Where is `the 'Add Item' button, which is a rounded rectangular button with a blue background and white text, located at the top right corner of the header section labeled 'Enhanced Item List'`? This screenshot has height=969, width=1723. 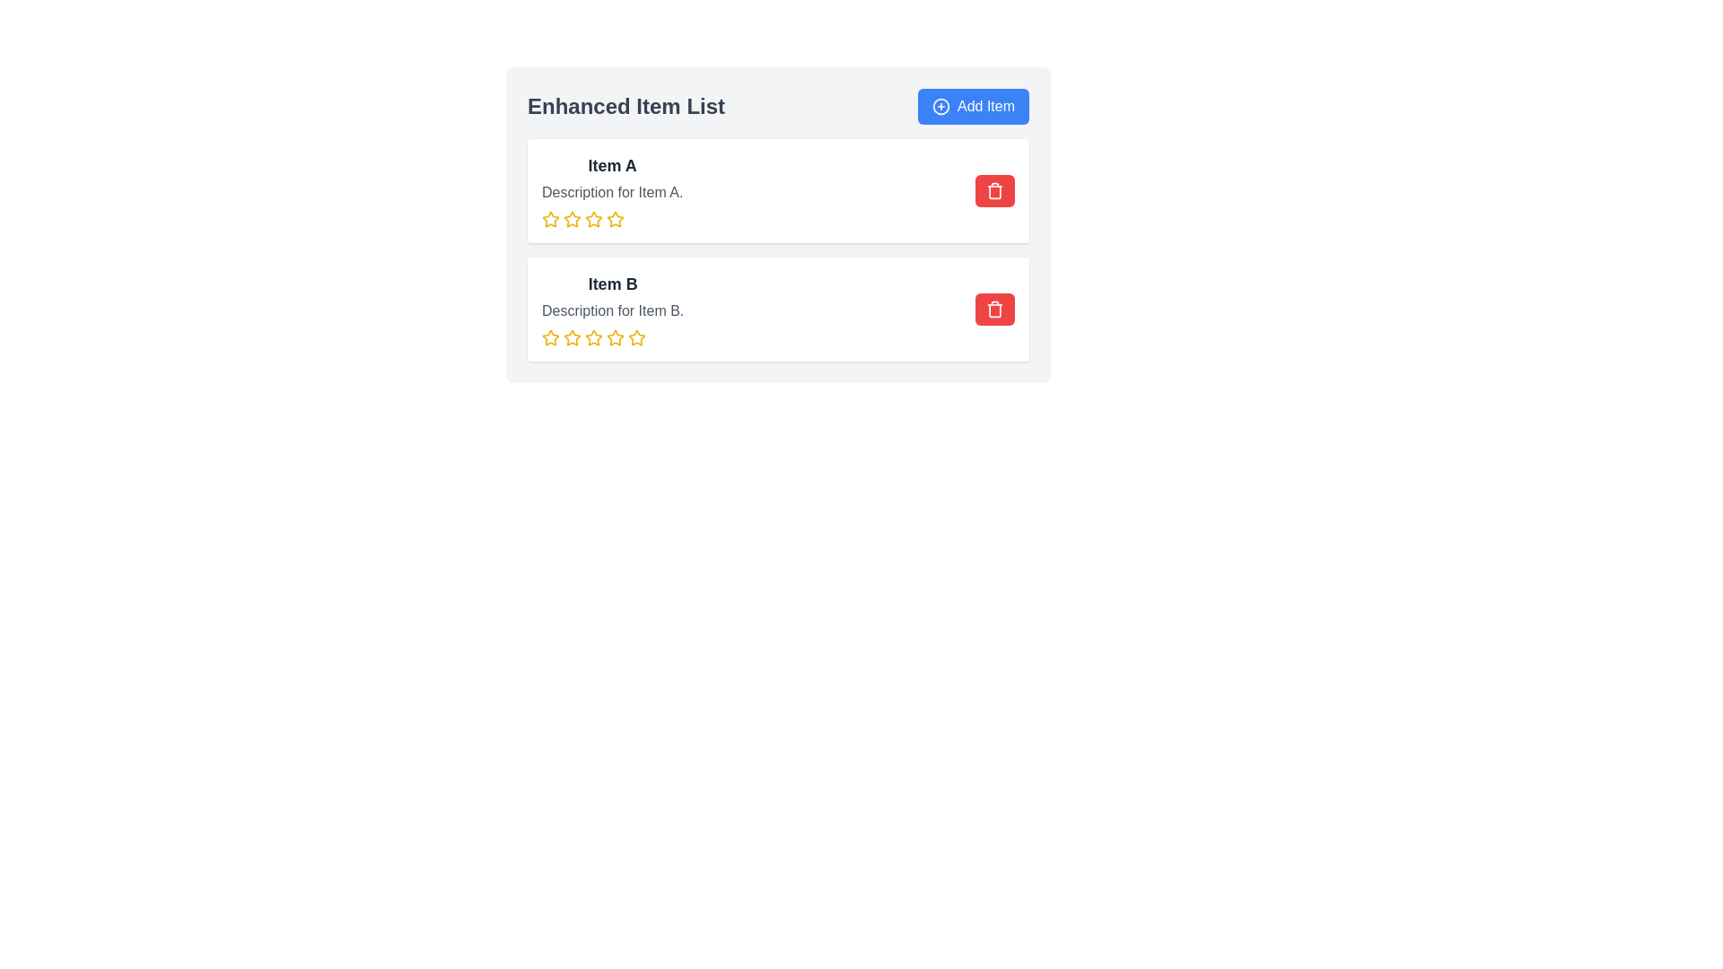
the 'Add Item' button, which is a rounded rectangular button with a blue background and white text, located at the top right corner of the header section labeled 'Enhanced Item List' is located at coordinates (972, 107).